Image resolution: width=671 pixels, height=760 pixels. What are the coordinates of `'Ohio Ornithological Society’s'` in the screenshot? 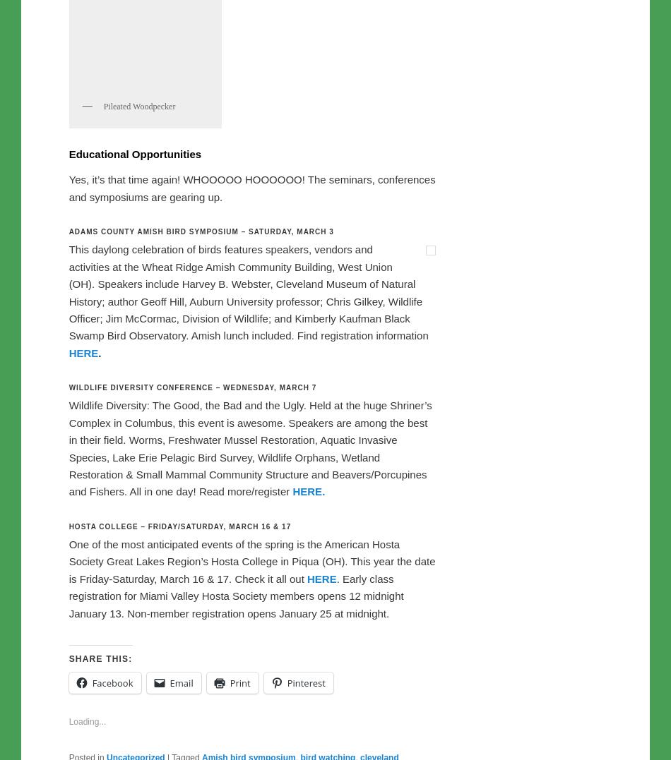 It's located at (307, 30).